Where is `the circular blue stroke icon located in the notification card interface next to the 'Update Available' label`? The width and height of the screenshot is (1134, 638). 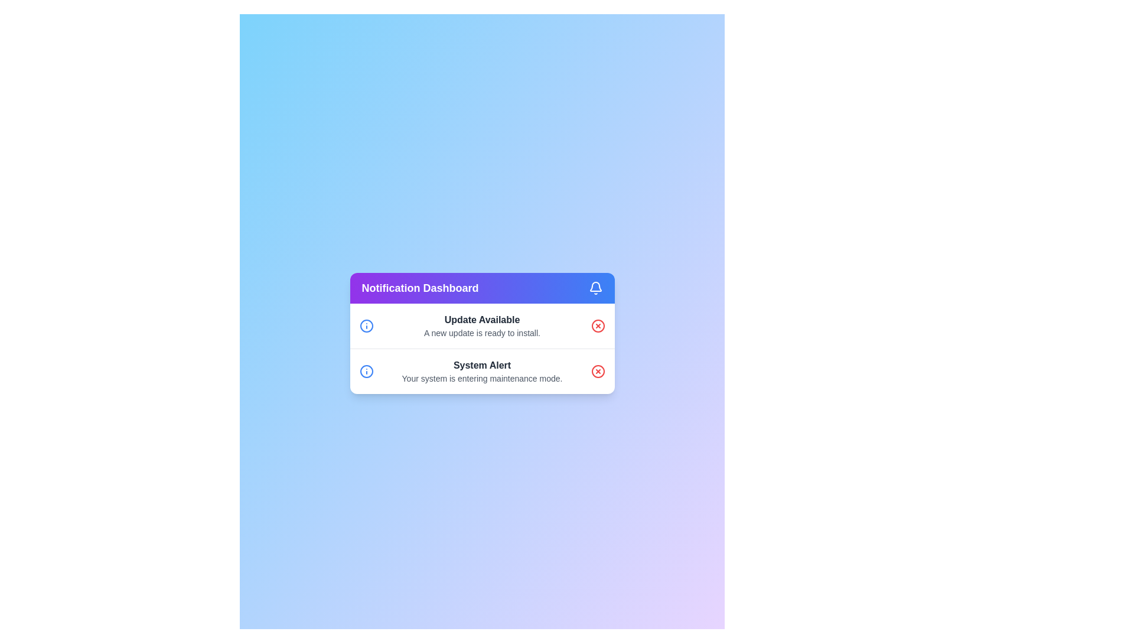
the circular blue stroke icon located in the notification card interface next to the 'Update Available' label is located at coordinates (366, 370).